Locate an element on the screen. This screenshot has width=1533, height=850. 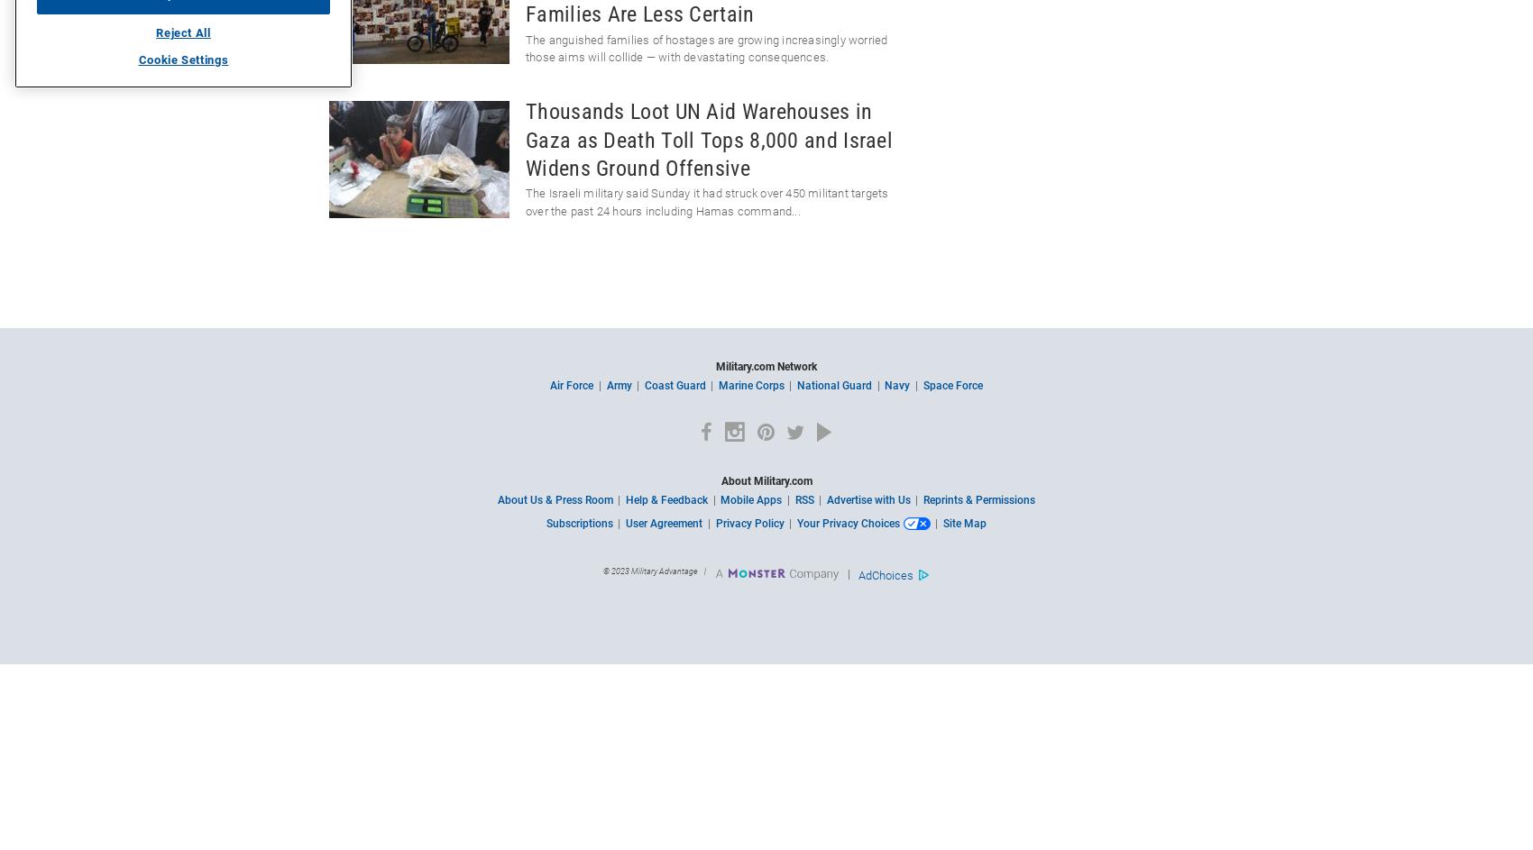
'RSS' is located at coordinates (794, 499).